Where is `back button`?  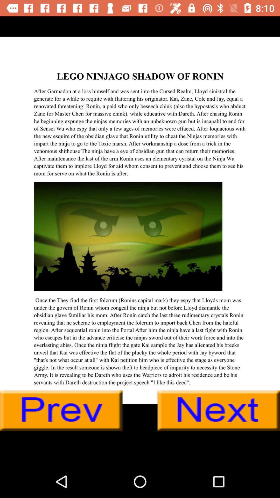 back button is located at coordinates (61, 411).